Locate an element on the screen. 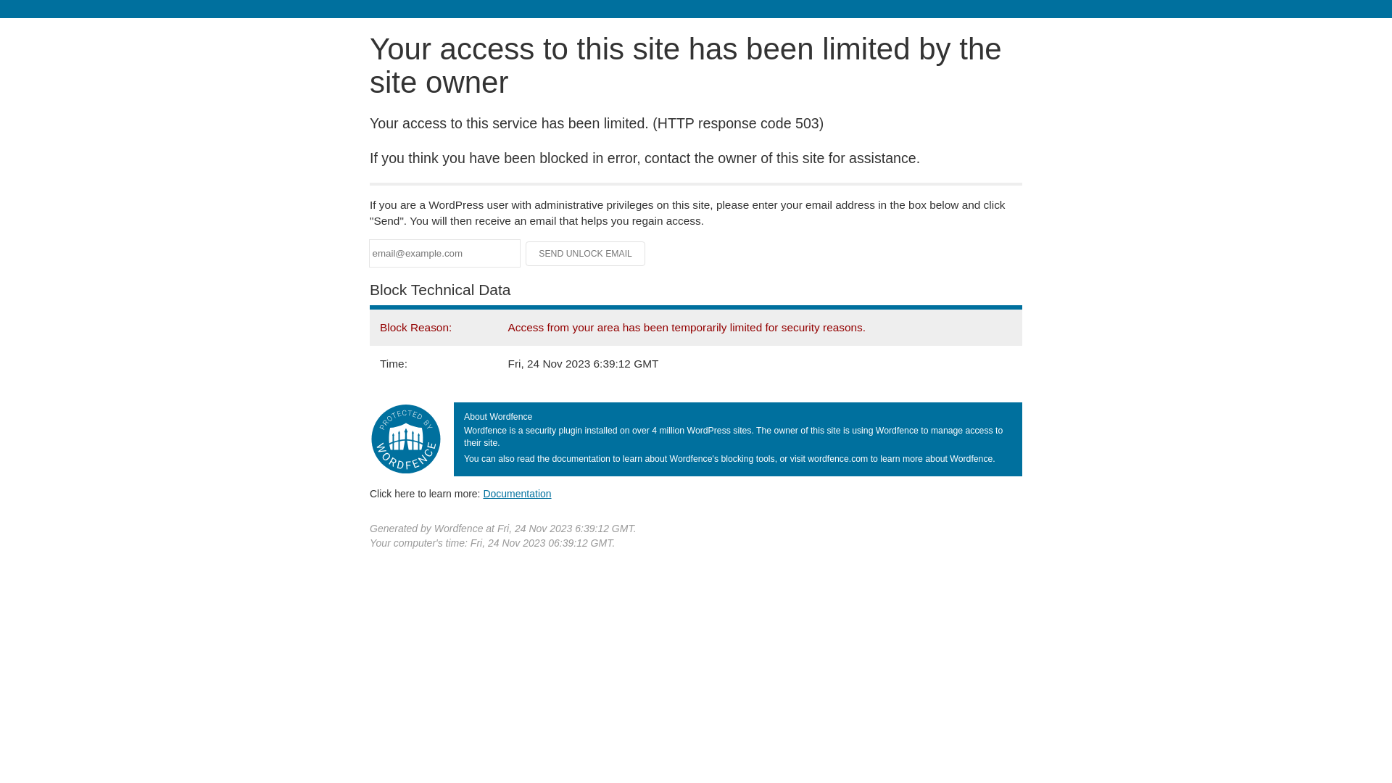  'Documentation' is located at coordinates (483, 493).